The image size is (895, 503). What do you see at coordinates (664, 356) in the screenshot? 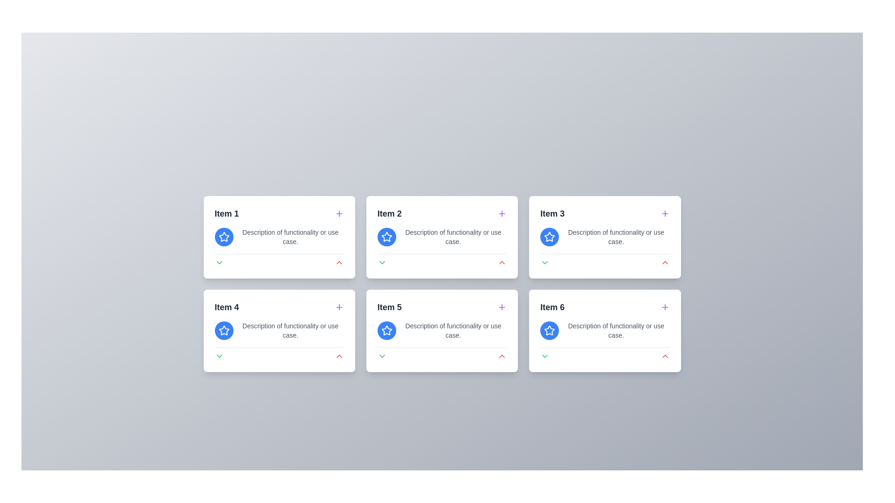
I see `the red upward-pointing chevron icon located in the bottom-right corner of 'Item 6' card` at bounding box center [664, 356].